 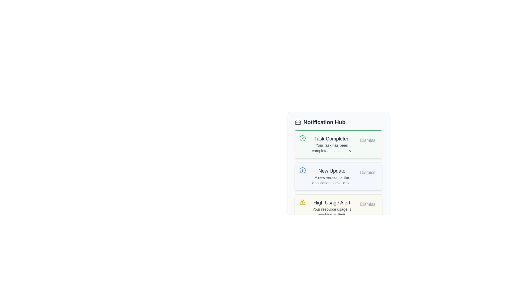 What do you see at coordinates (332, 144) in the screenshot?
I see `the notification message displaying 'Task Completed' with the subtext 'Your task has been completed successfully.' located in the first notification slot under the 'Notification Hub'` at bounding box center [332, 144].